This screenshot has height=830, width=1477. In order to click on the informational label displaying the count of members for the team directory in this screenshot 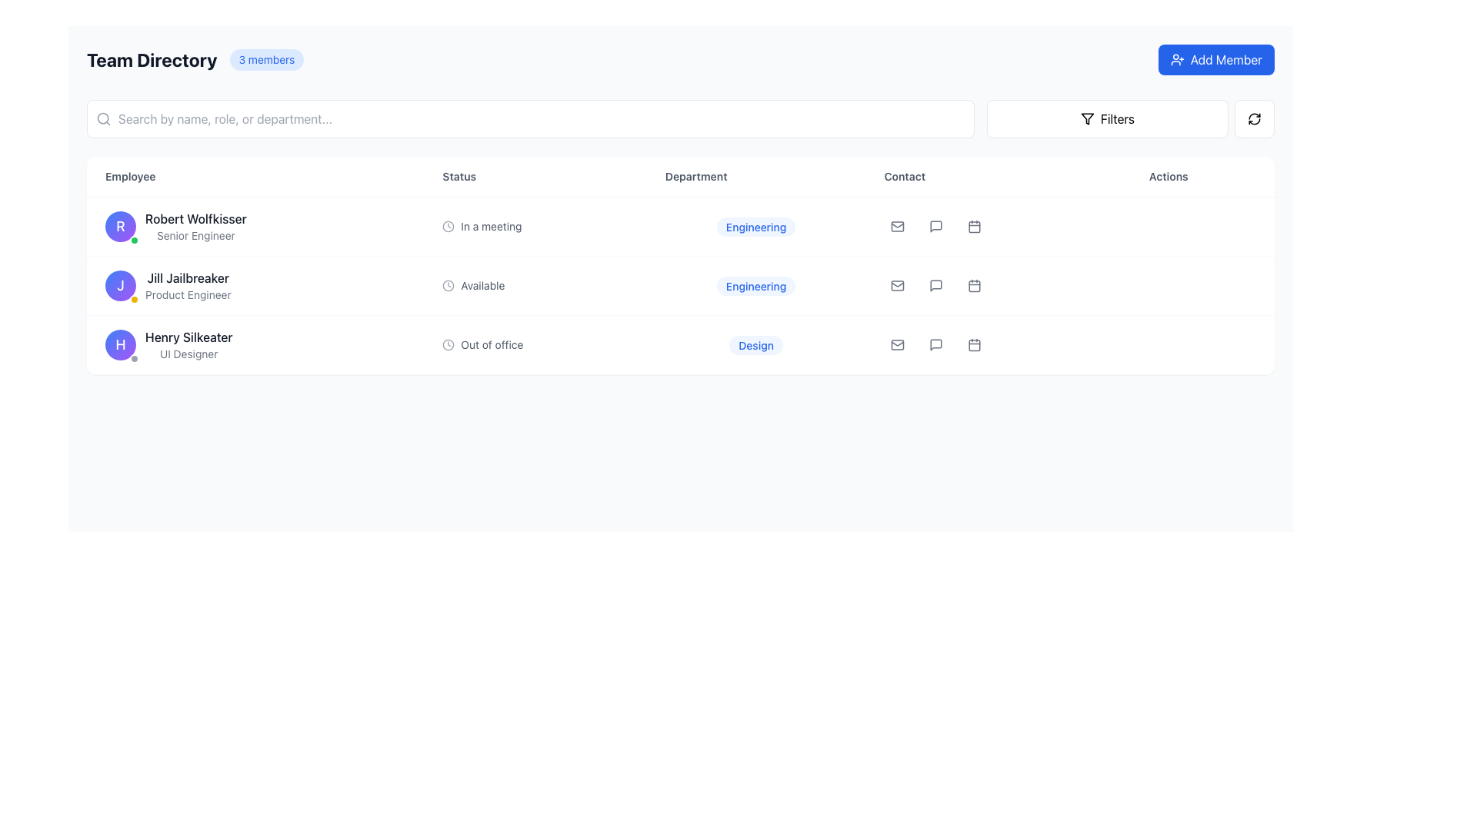, I will do `click(266, 58)`.